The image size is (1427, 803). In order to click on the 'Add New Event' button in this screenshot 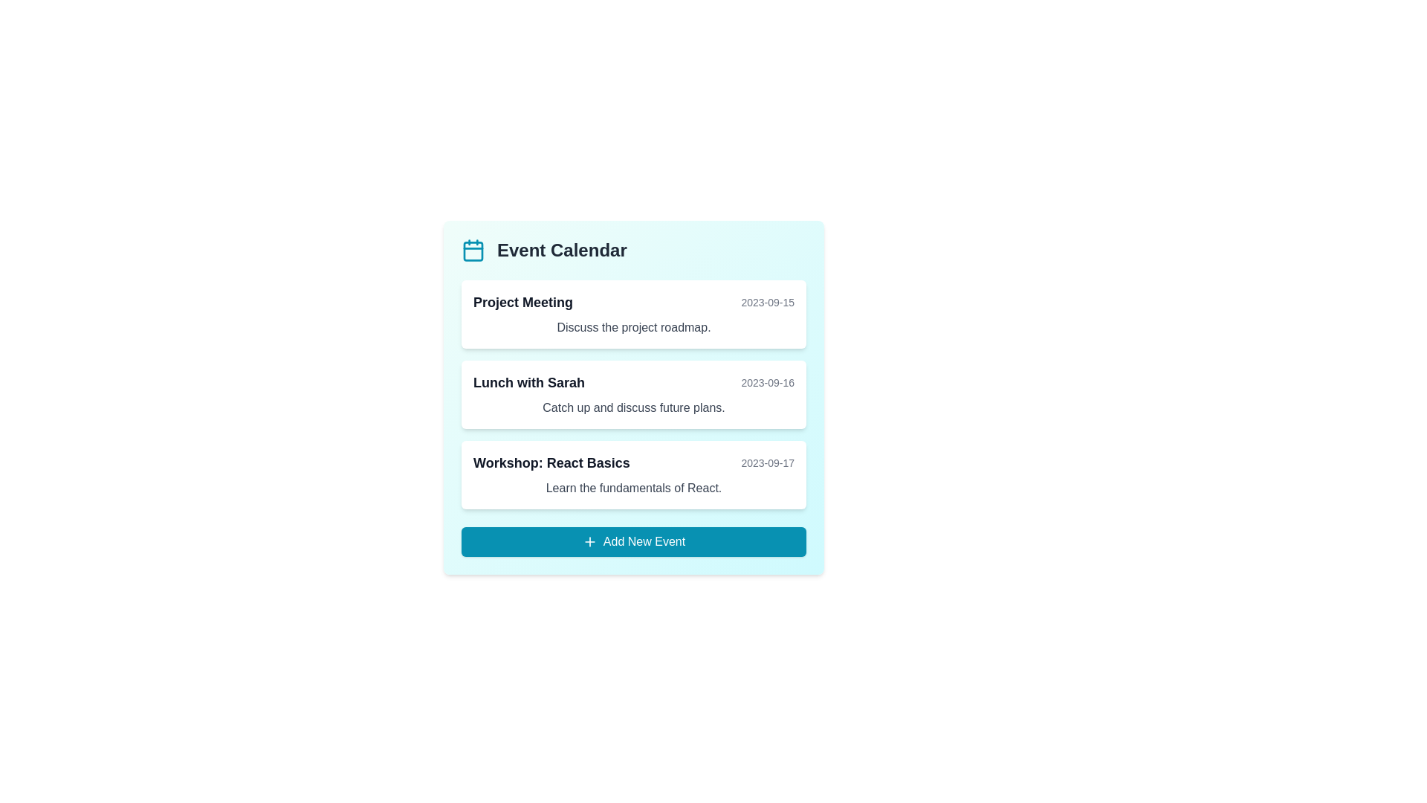, I will do `click(634, 542)`.